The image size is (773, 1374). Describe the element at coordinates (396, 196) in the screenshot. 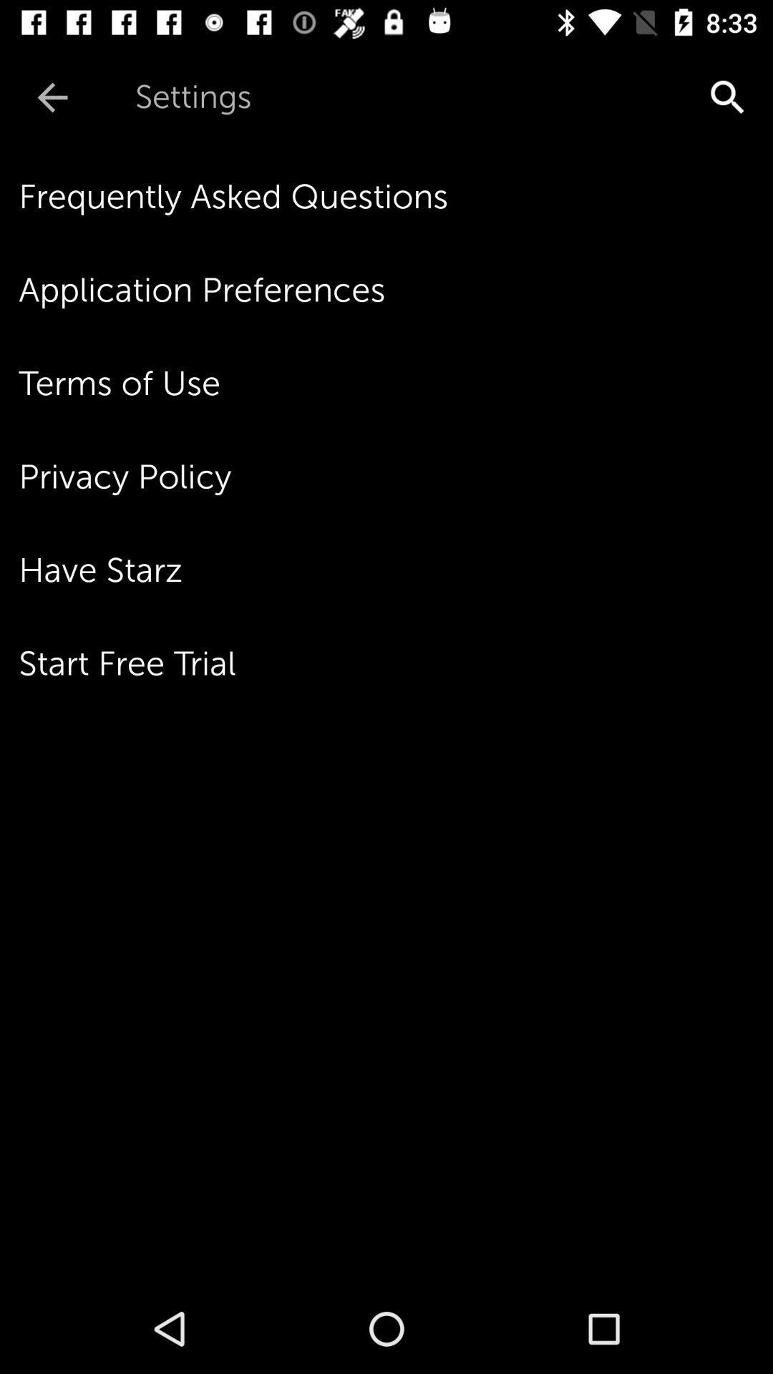

I see `the frequently asked questions` at that location.